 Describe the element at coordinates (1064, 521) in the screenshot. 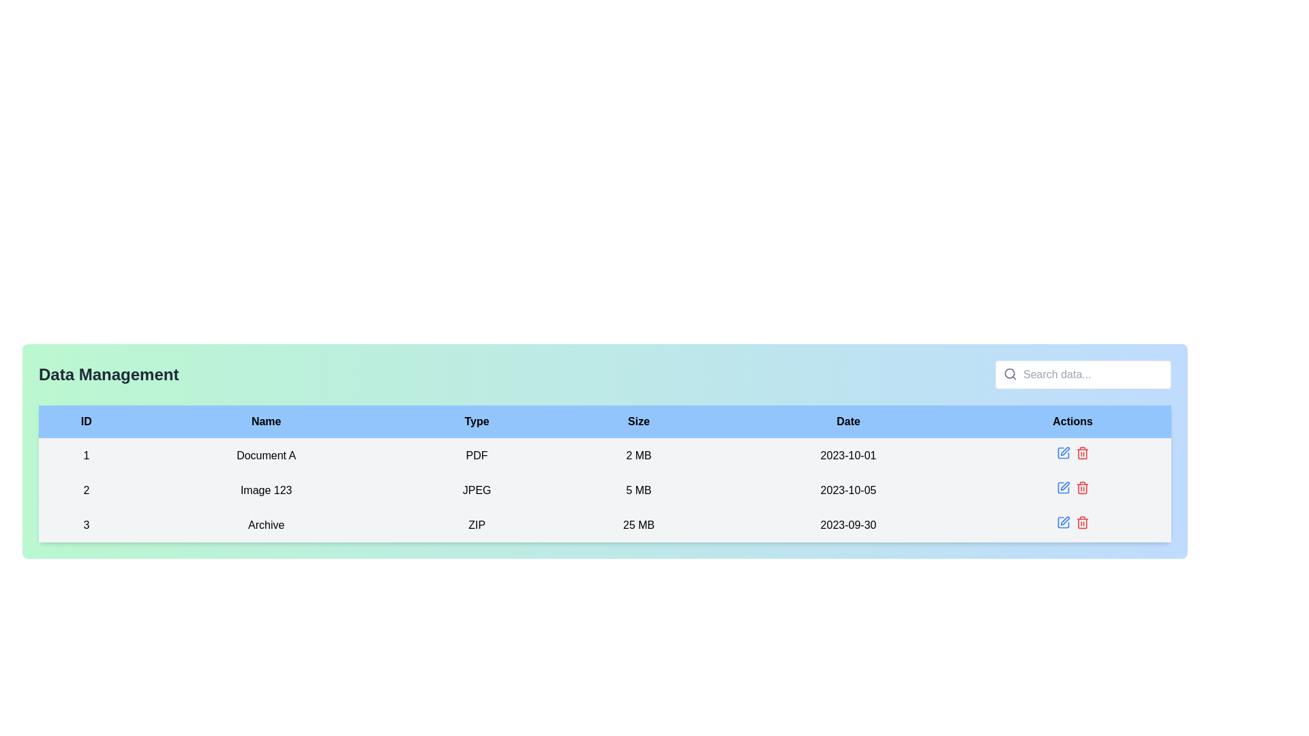

I see `the vector-based pen or edit icon located in the Actions column of the table to initiate an edit action` at that location.